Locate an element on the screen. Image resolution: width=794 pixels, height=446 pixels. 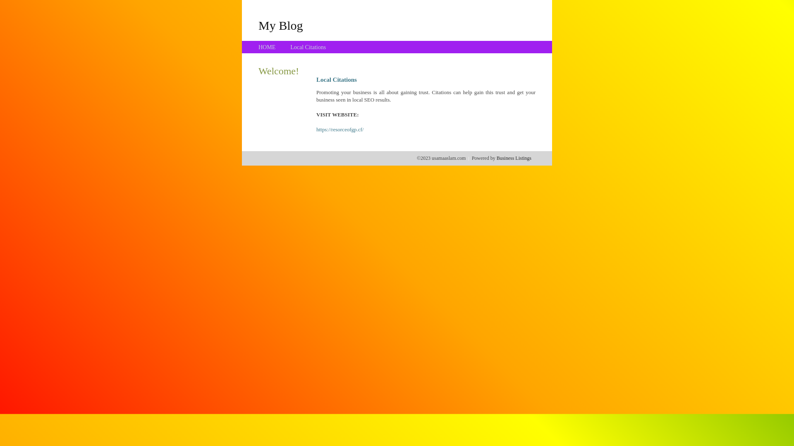
'HOME' is located at coordinates (267, 47).